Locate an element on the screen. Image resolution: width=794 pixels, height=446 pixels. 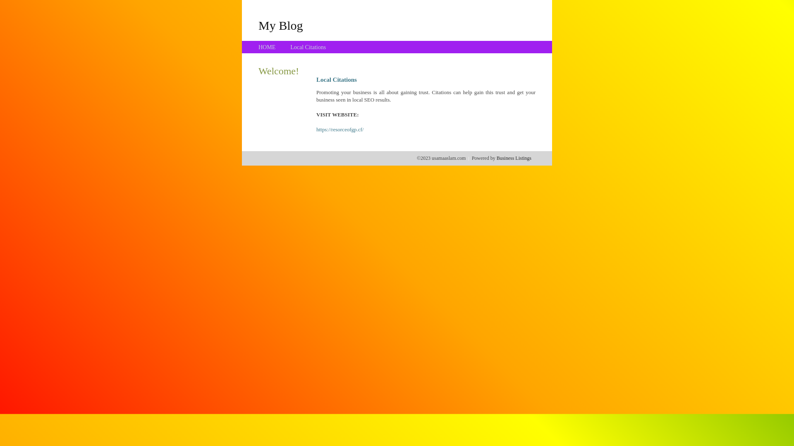
'HOME' is located at coordinates (267, 47).